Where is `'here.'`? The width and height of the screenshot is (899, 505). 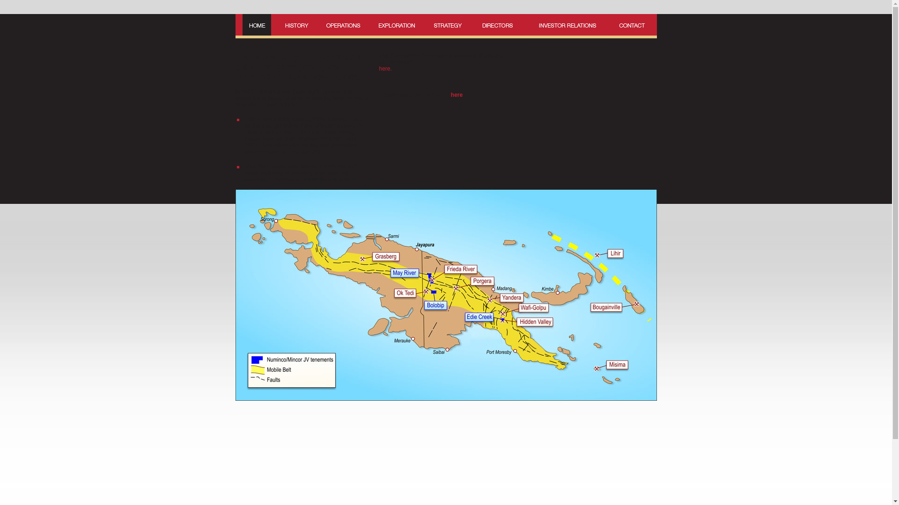 'here.' is located at coordinates (385, 68).